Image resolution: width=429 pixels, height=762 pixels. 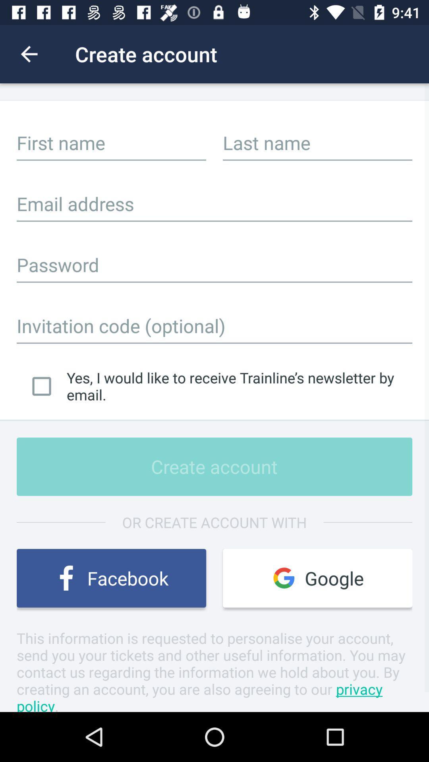 What do you see at coordinates (214, 325) in the screenshot?
I see `insert invitation code` at bounding box center [214, 325].